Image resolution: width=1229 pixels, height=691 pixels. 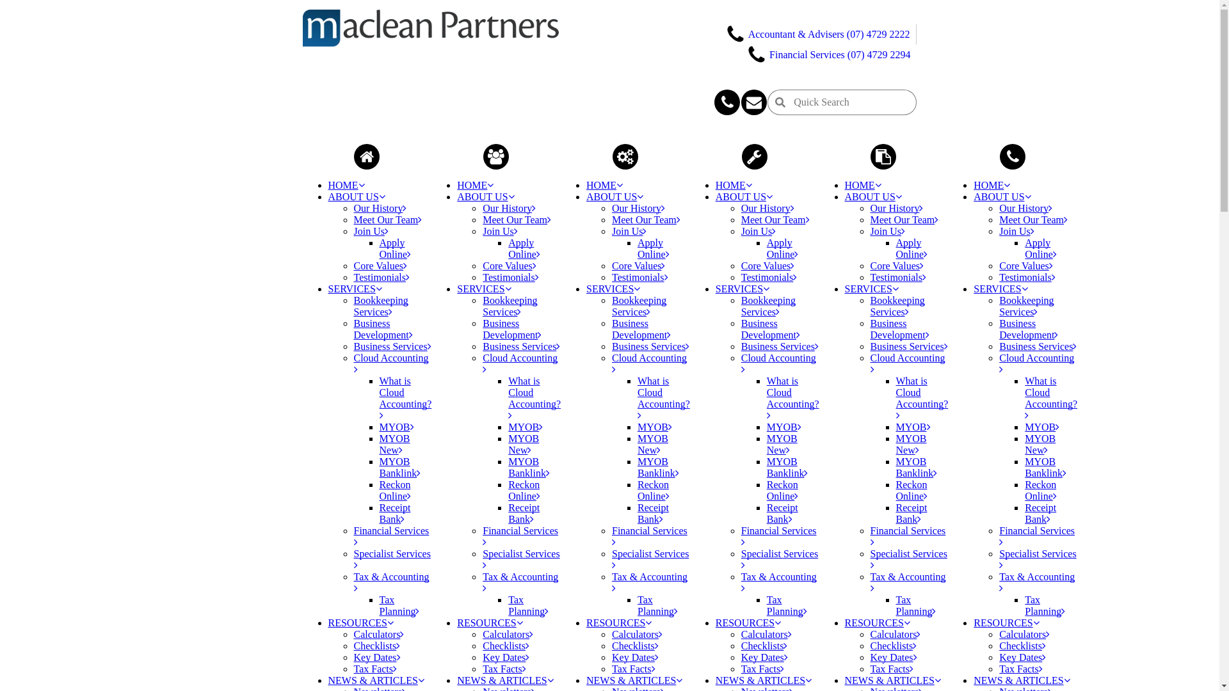 What do you see at coordinates (767, 265) in the screenshot?
I see `'Core Values'` at bounding box center [767, 265].